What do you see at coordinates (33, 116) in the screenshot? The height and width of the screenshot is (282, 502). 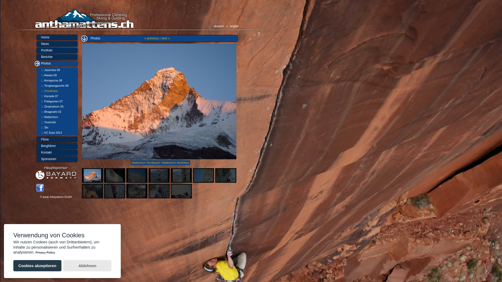 I see `'::: Matterhorn'` at bounding box center [33, 116].